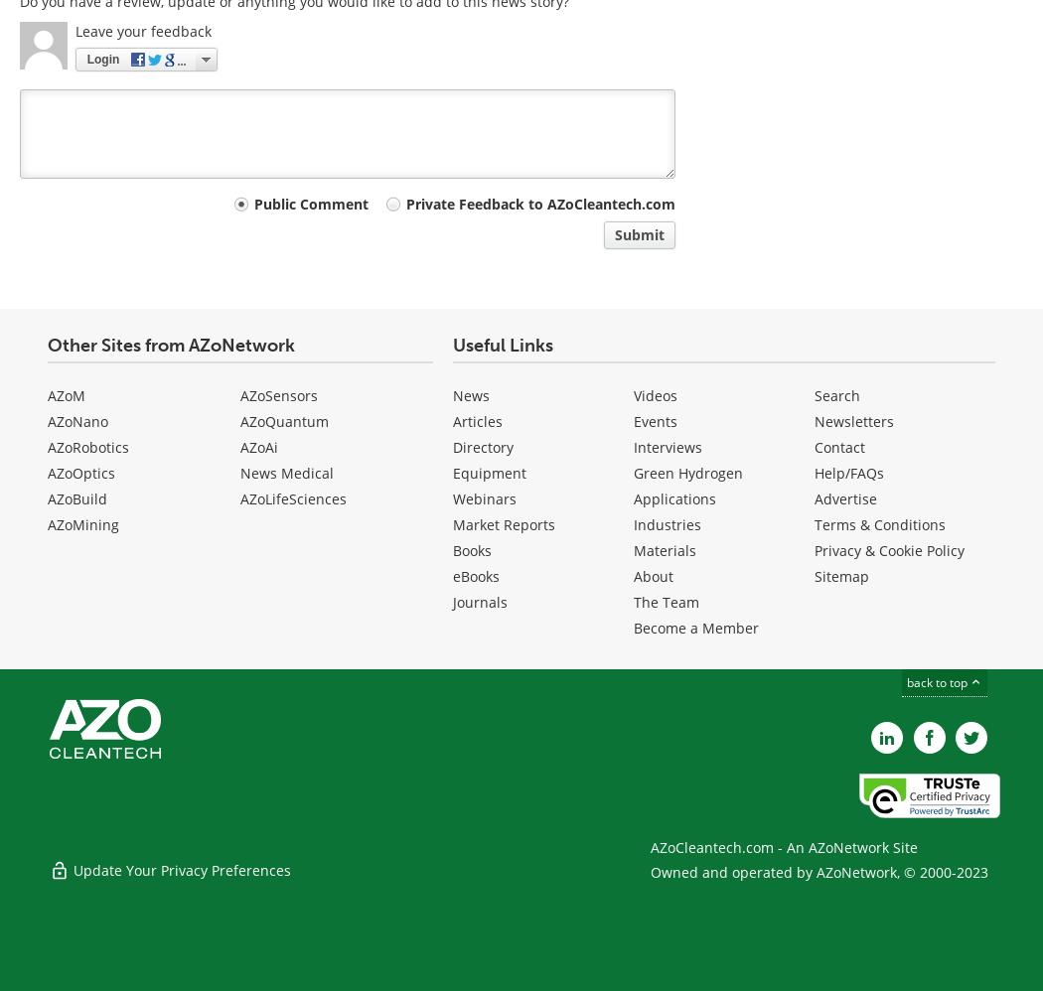 The image size is (1043, 991). What do you see at coordinates (451, 575) in the screenshot?
I see `'eBooks'` at bounding box center [451, 575].